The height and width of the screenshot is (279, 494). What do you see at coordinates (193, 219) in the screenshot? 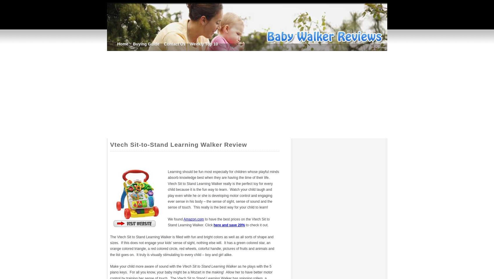
I see `'Amazon.com'` at bounding box center [193, 219].